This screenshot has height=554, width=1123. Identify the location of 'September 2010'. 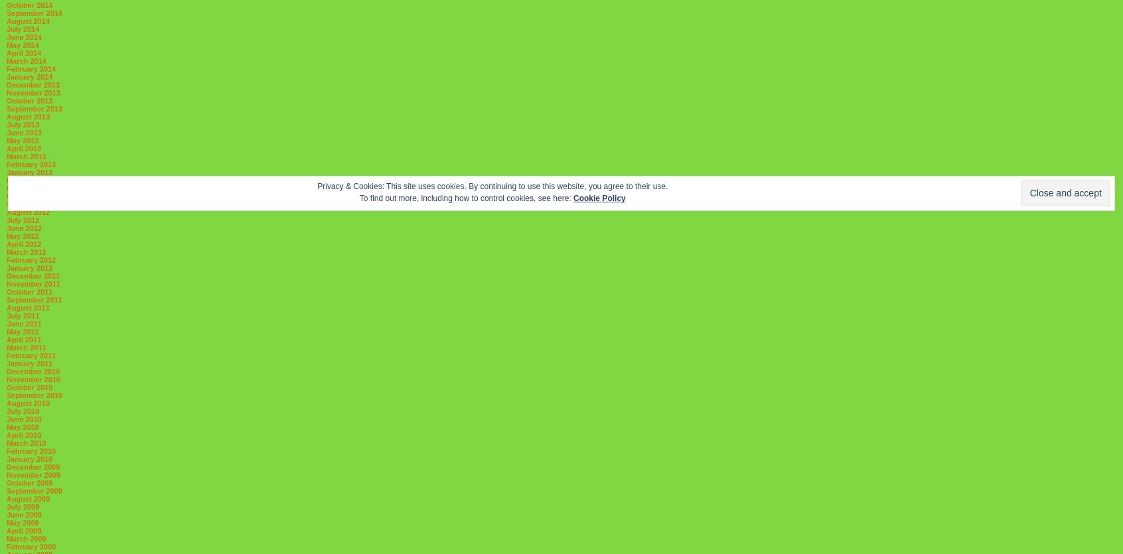
(33, 395).